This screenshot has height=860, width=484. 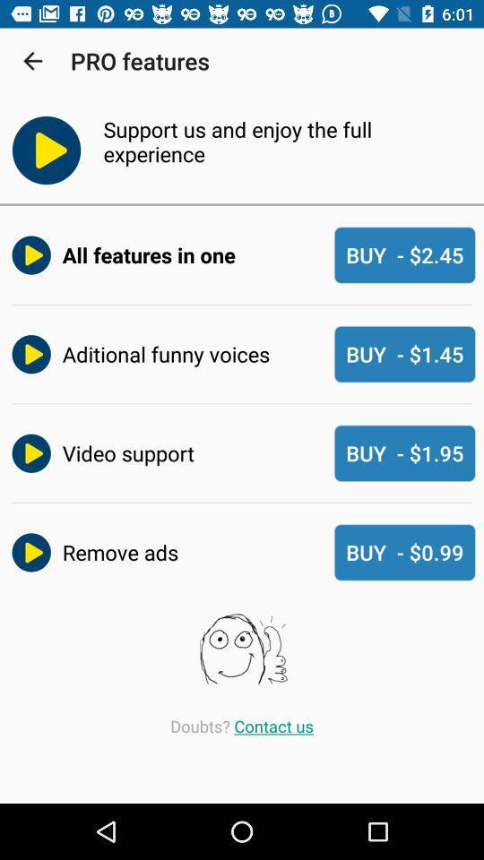 What do you see at coordinates (40, 150) in the screenshot?
I see `the play icon` at bounding box center [40, 150].